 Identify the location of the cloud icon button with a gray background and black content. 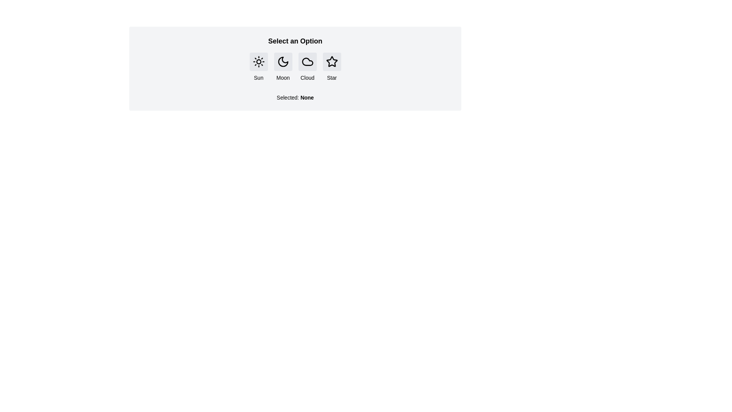
(307, 61).